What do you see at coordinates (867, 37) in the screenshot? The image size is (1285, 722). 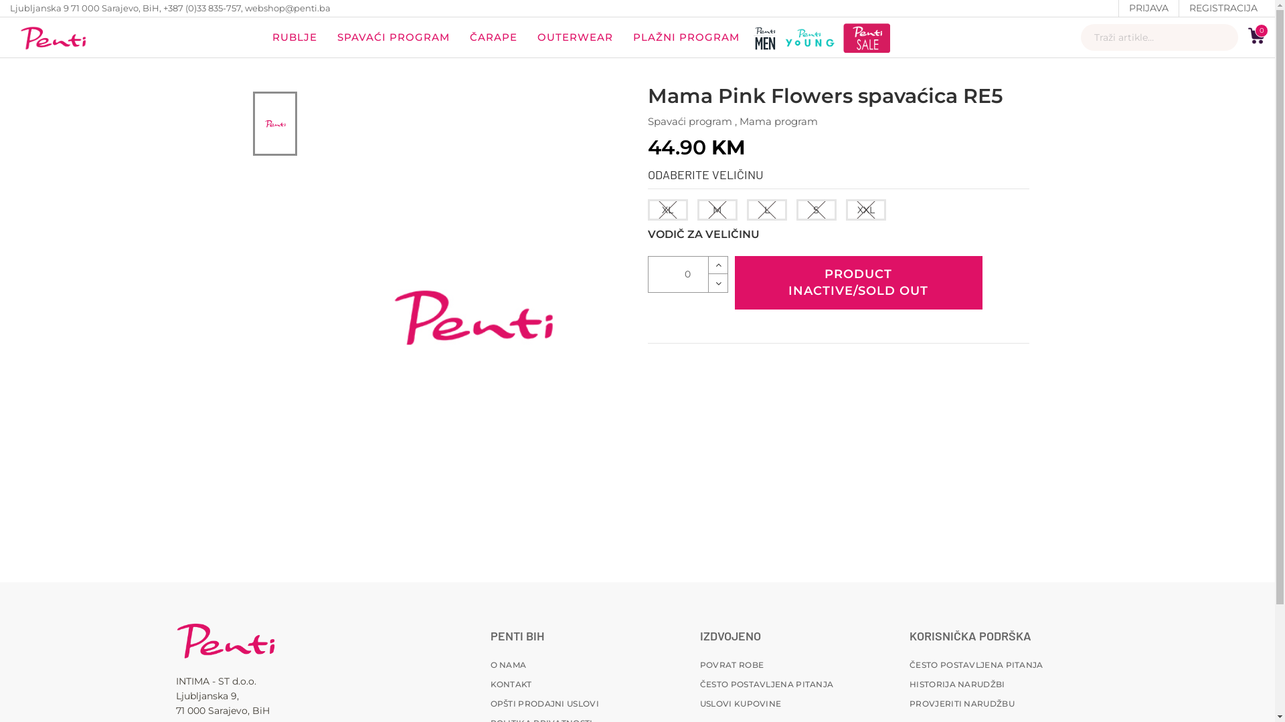 I see `'penti sale'` at bounding box center [867, 37].